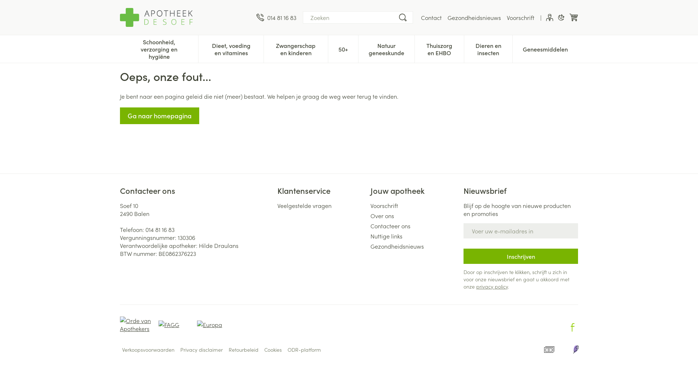  What do you see at coordinates (415, 48) in the screenshot?
I see `'Thuiszorg en EHBO'` at bounding box center [415, 48].